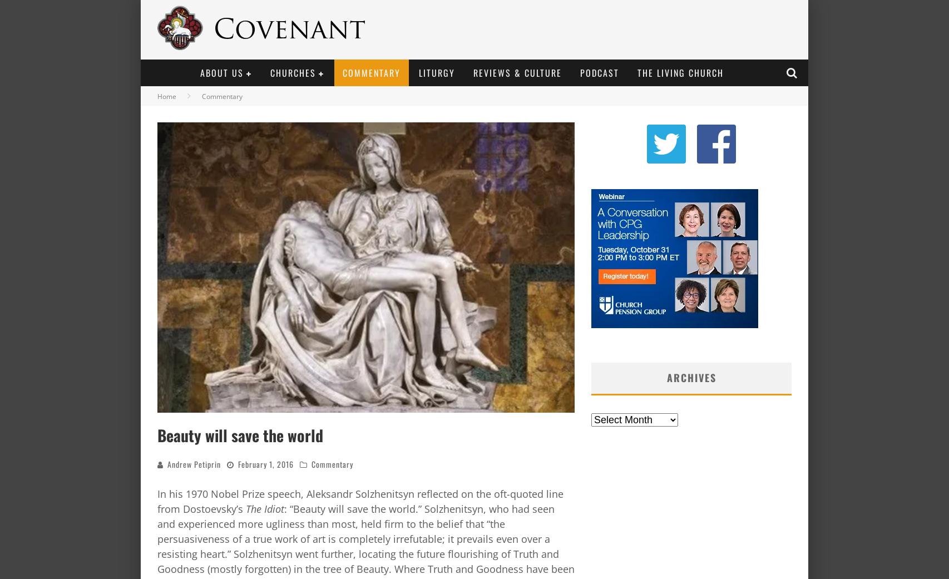 The width and height of the screenshot is (949, 579). I want to click on 'Liturgy', so click(418, 72).